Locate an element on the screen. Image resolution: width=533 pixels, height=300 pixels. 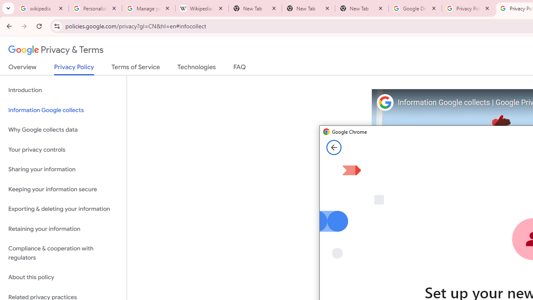
'Sharing your information' is located at coordinates (63, 169).